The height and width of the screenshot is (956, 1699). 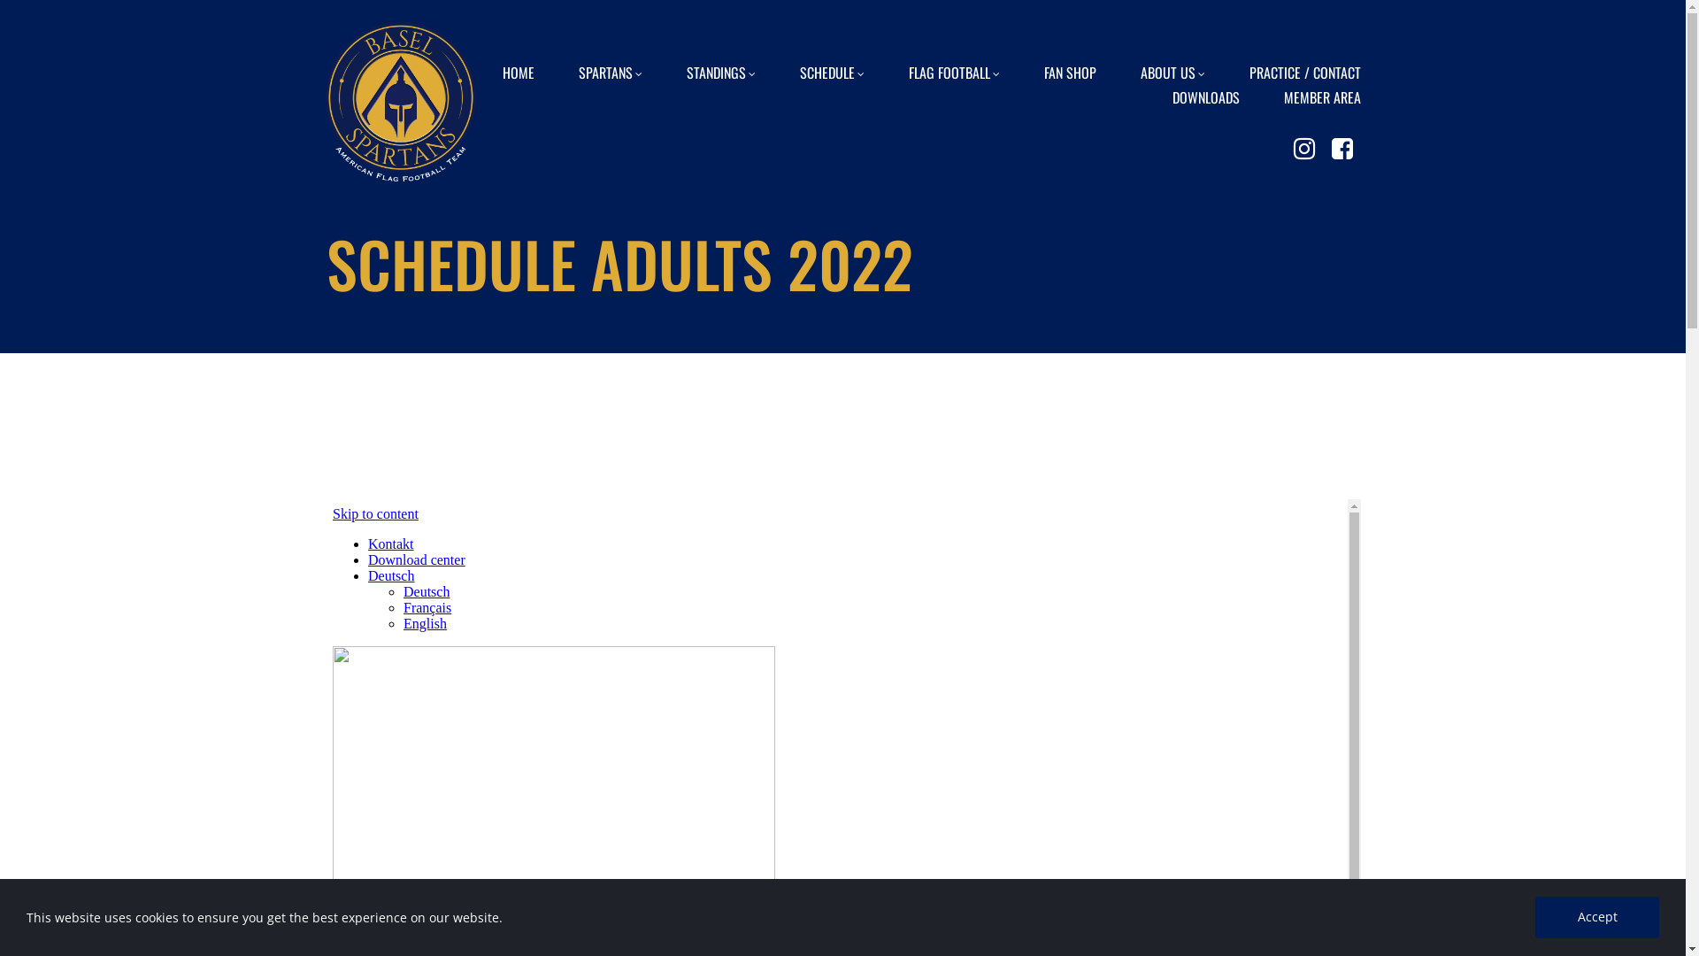 What do you see at coordinates (1596, 916) in the screenshot?
I see `'Accept'` at bounding box center [1596, 916].